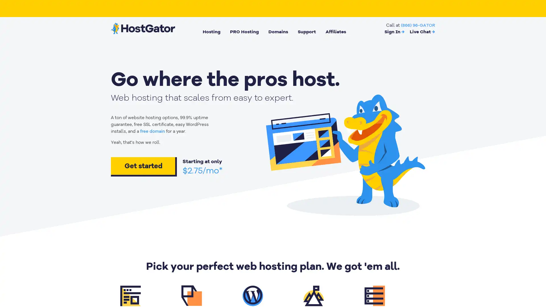  Describe the element at coordinates (345, 152) in the screenshot. I see `animation` at that location.